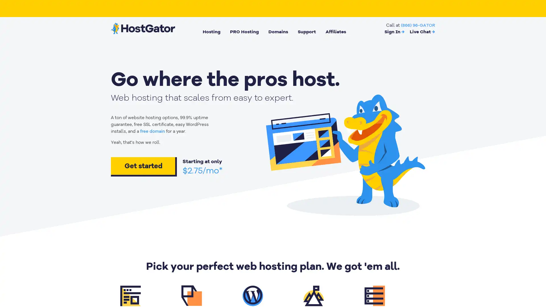  Describe the element at coordinates (345, 152) in the screenshot. I see `animation` at that location.